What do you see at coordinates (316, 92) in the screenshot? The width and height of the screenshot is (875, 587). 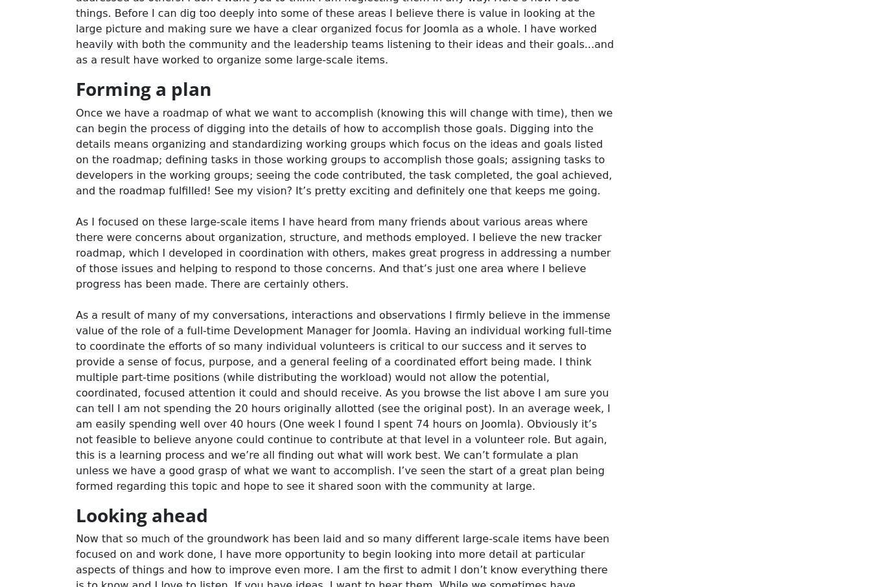 I see `'© 2005 - 2023'` at bounding box center [316, 92].